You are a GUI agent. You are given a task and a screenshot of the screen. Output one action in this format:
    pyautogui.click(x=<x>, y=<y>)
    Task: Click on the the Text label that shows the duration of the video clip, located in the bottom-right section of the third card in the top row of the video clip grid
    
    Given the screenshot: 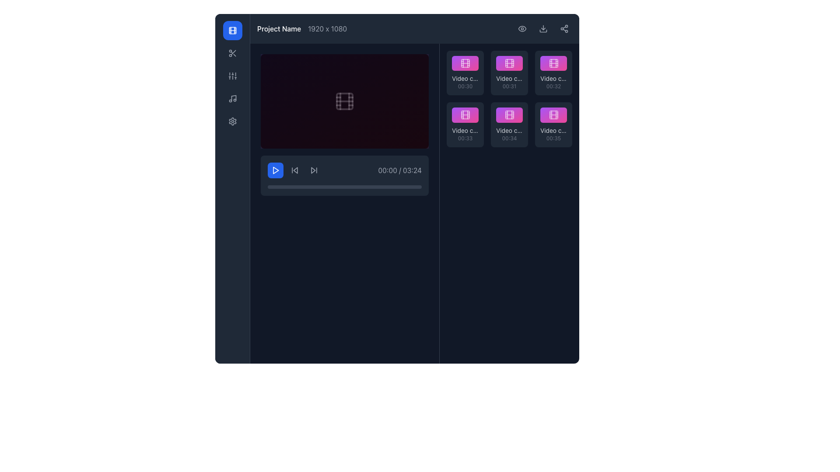 What is the action you would take?
    pyautogui.click(x=553, y=87)
    